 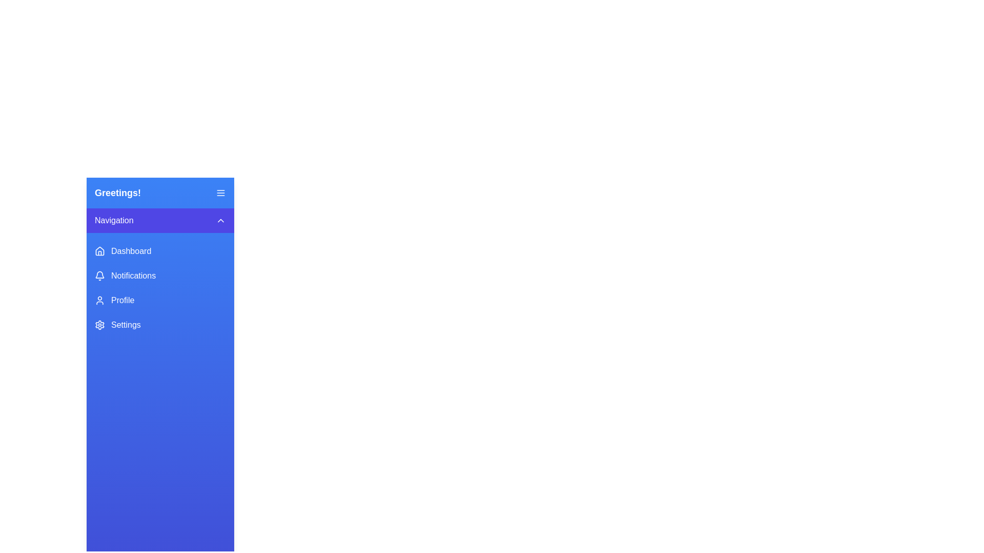 I want to click on the notifications button located in the vertical list of menu options for keyboard navigation, so click(x=159, y=275).